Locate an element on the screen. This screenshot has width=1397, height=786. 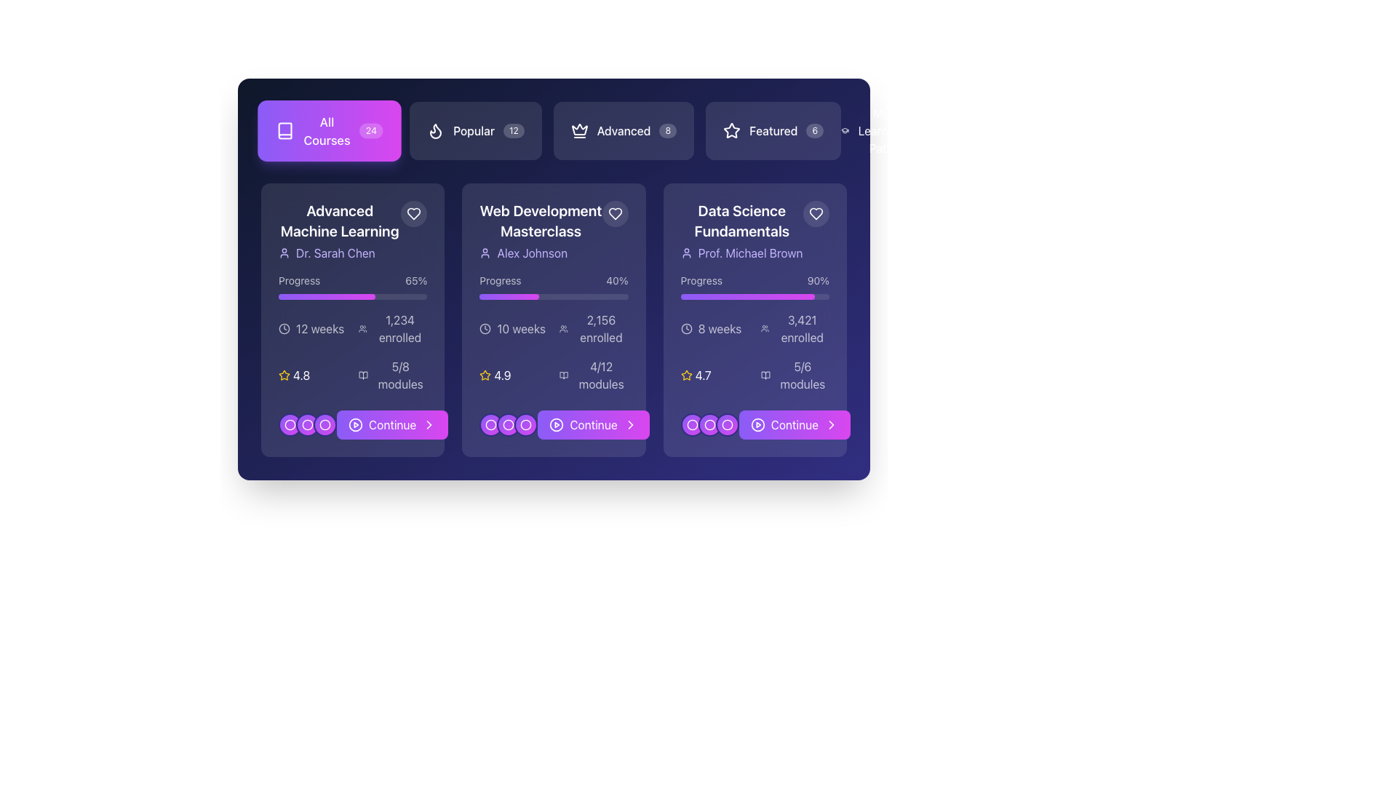
the progress visually on the horizontal progress bar located beneath the 'Progress' label and adjacent to the '65%' text in the Advanced Machine Learning course card is located at coordinates (353, 296).